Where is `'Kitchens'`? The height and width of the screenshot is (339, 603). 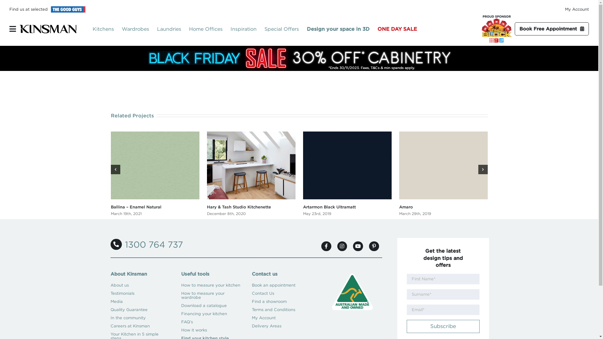 'Kitchens' is located at coordinates (107, 29).